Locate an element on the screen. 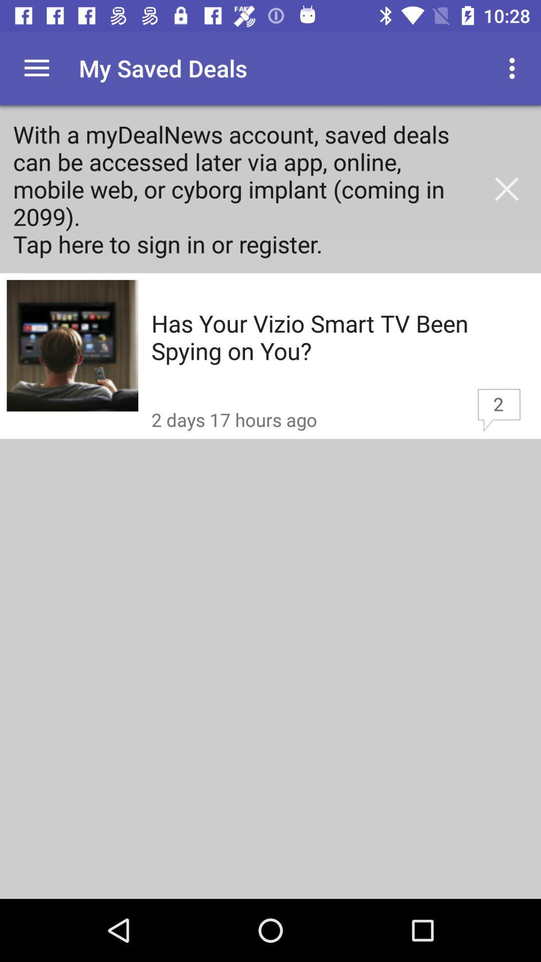  the item next to my saved deals app is located at coordinates (36, 68).